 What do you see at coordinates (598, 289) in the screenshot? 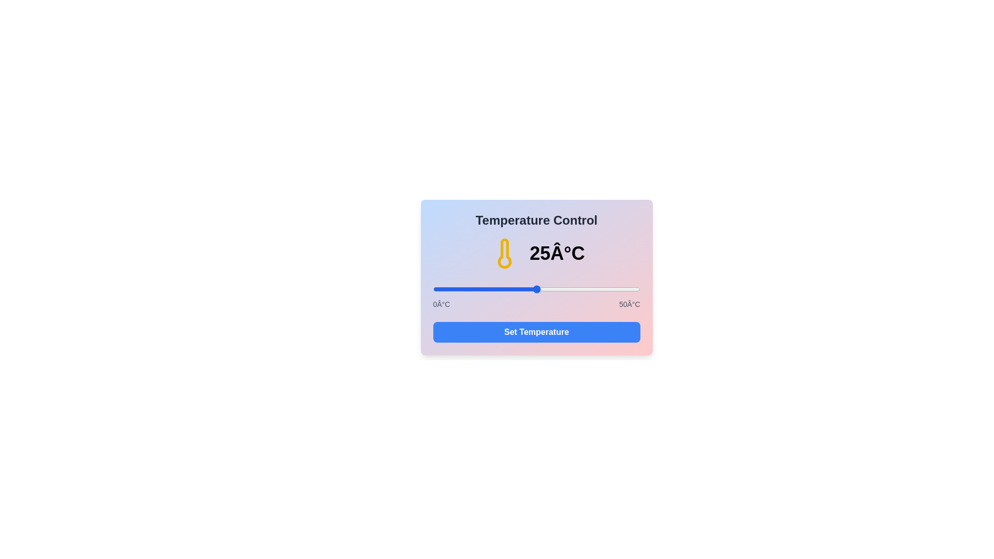
I see `the temperature slider to 40°C` at bounding box center [598, 289].